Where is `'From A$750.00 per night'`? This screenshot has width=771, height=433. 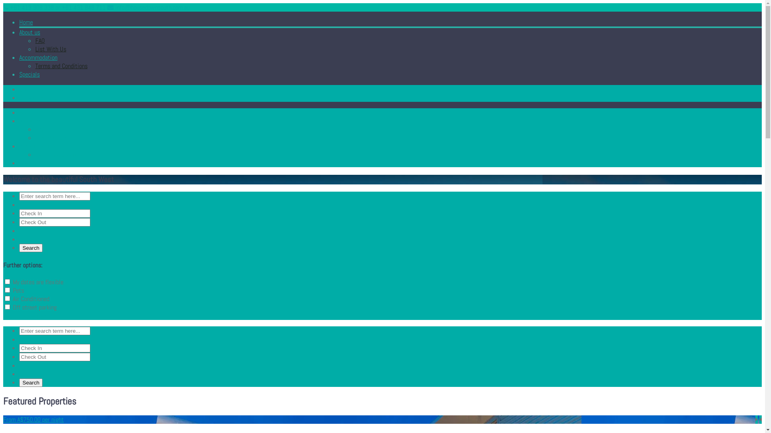 'From A$750.00 per night' is located at coordinates (3, 419).